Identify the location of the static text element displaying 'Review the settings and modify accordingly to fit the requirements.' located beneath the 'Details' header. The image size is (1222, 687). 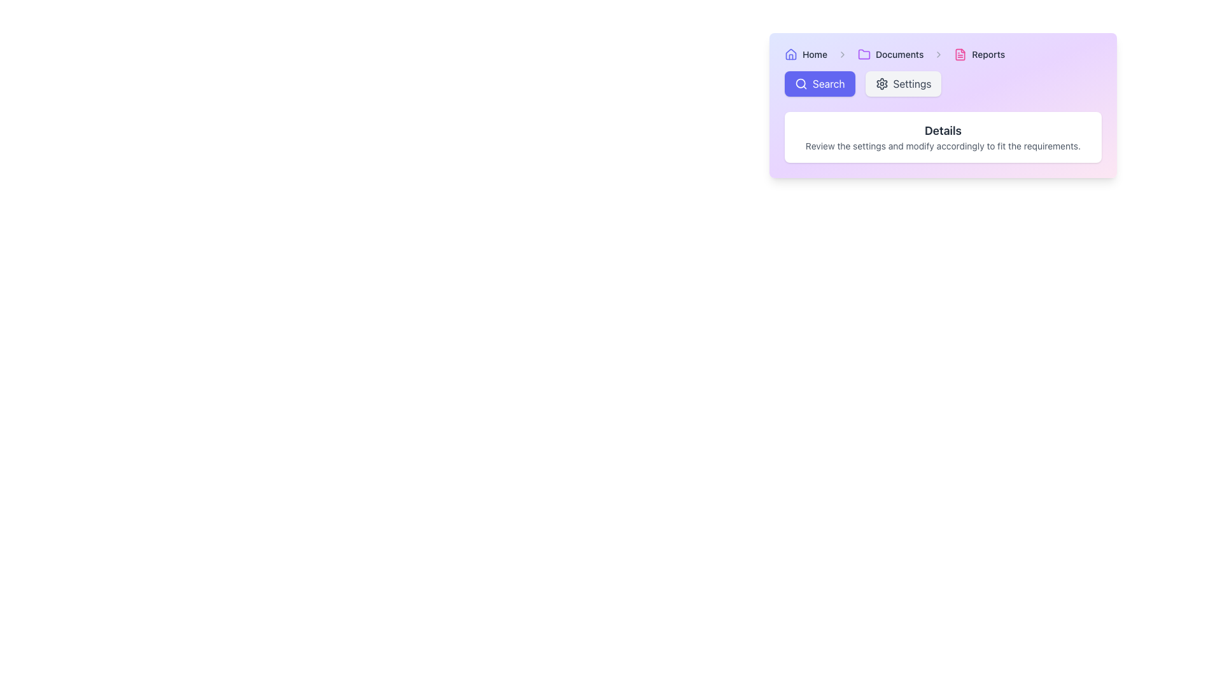
(943, 146).